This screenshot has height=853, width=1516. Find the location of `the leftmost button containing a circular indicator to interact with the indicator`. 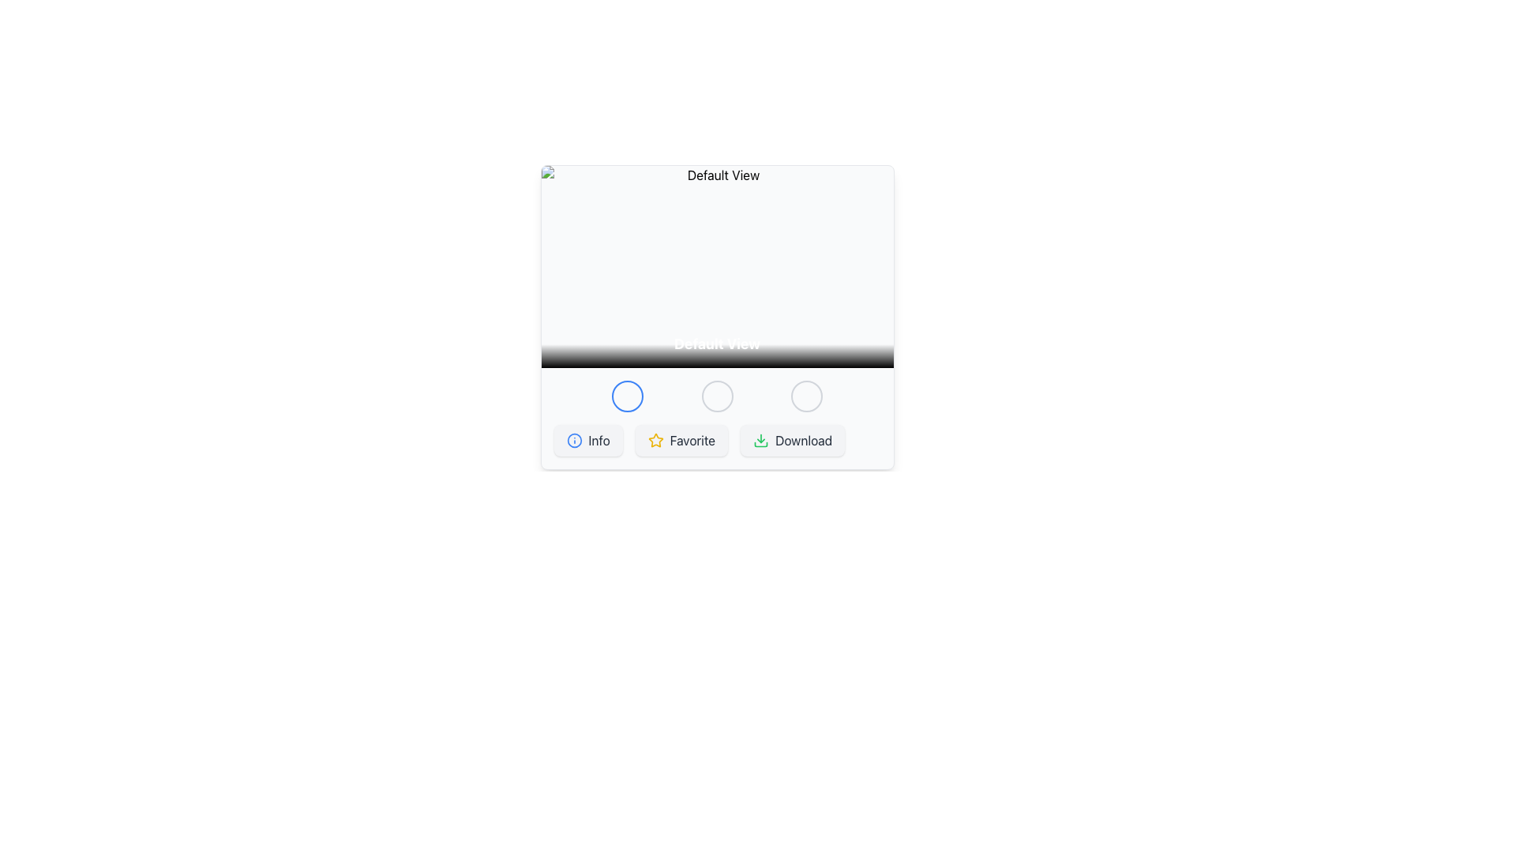

the leftmost button containing a circular indicator to interact with the indicator is located at coordinates (573, 441).